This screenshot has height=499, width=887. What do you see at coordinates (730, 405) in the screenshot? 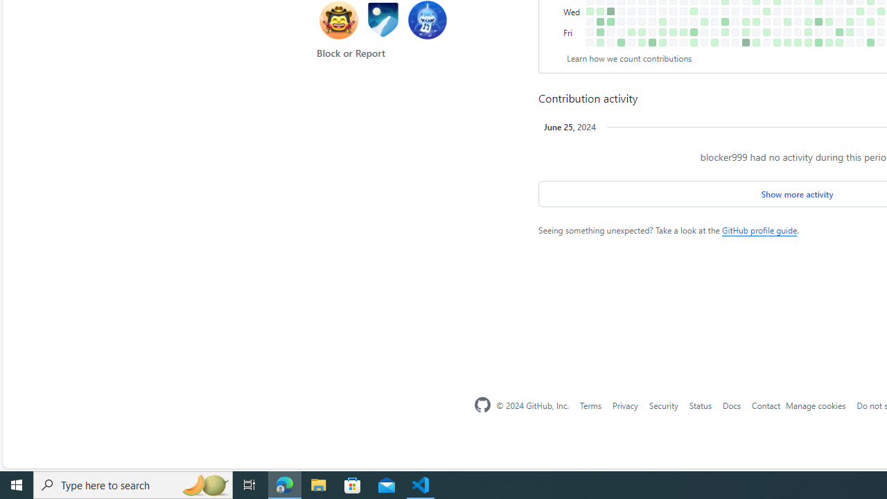
I see `'Docs'` at bounding box center [730, 405].